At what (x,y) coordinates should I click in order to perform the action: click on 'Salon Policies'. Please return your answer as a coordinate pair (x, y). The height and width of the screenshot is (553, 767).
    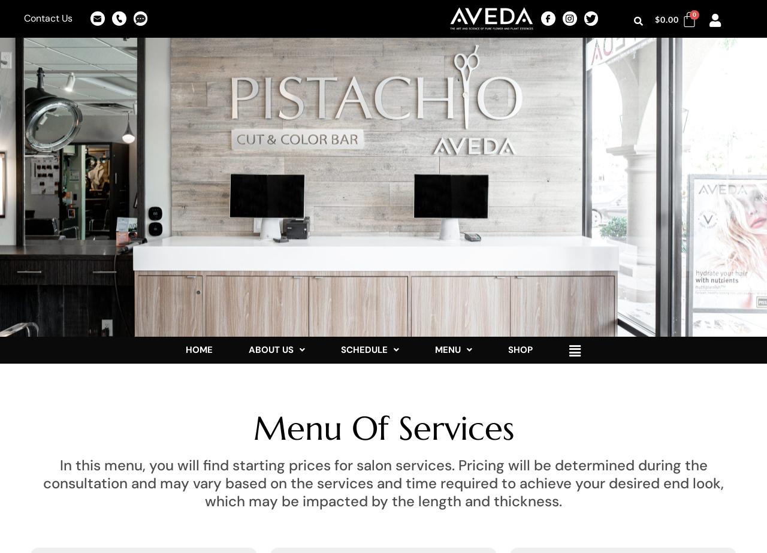
    Looking at the image, I should click on (382, 403).